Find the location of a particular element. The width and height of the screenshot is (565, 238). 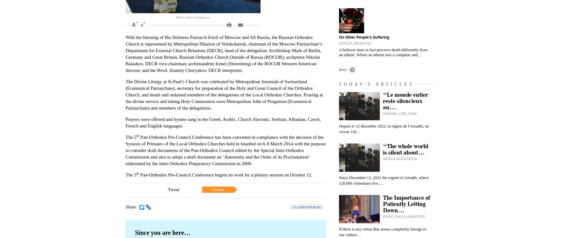

'If there is any virtue that seems completely foreign to our culture…' is located at coordinates (382, 232).